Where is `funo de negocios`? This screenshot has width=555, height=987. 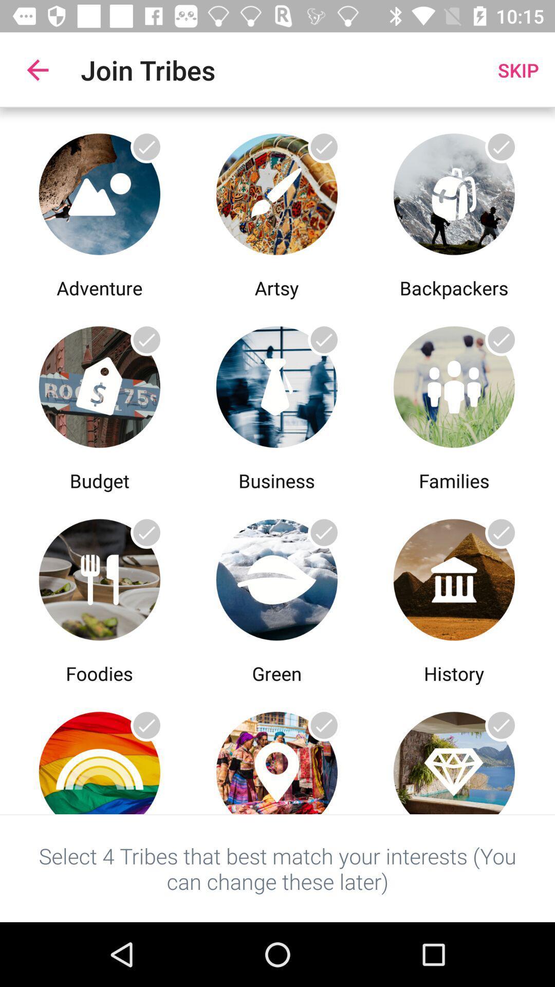
funo de negocios is located at coordinates (276, 383).